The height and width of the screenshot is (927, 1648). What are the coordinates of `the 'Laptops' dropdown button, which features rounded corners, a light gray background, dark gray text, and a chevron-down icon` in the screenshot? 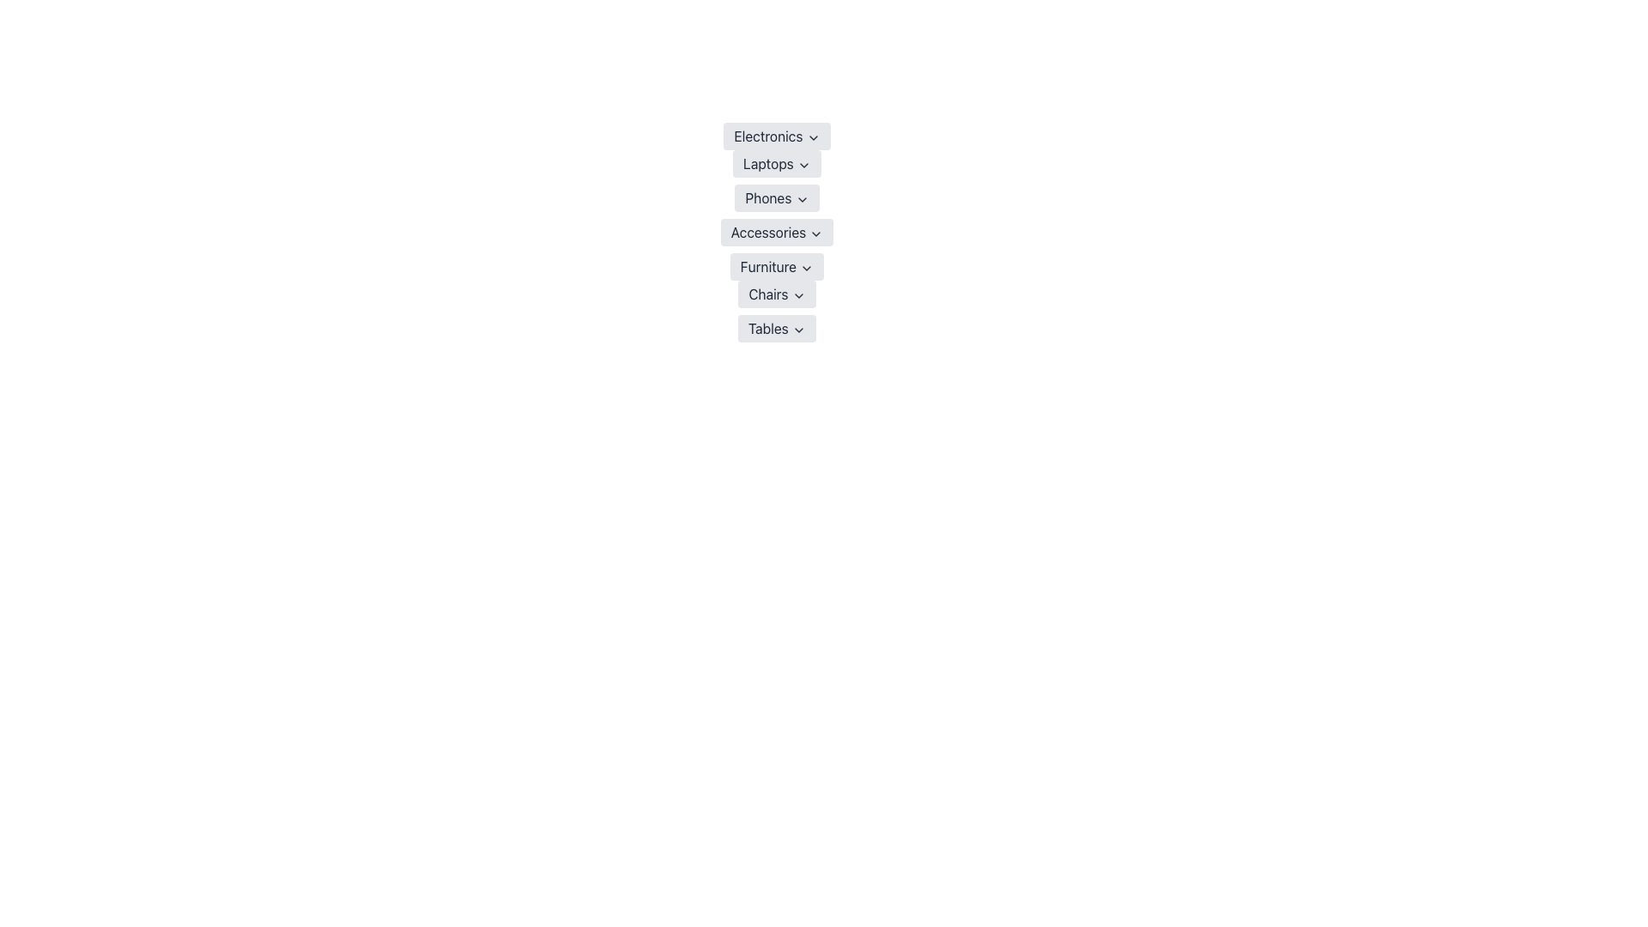 It's located at (776, 164).